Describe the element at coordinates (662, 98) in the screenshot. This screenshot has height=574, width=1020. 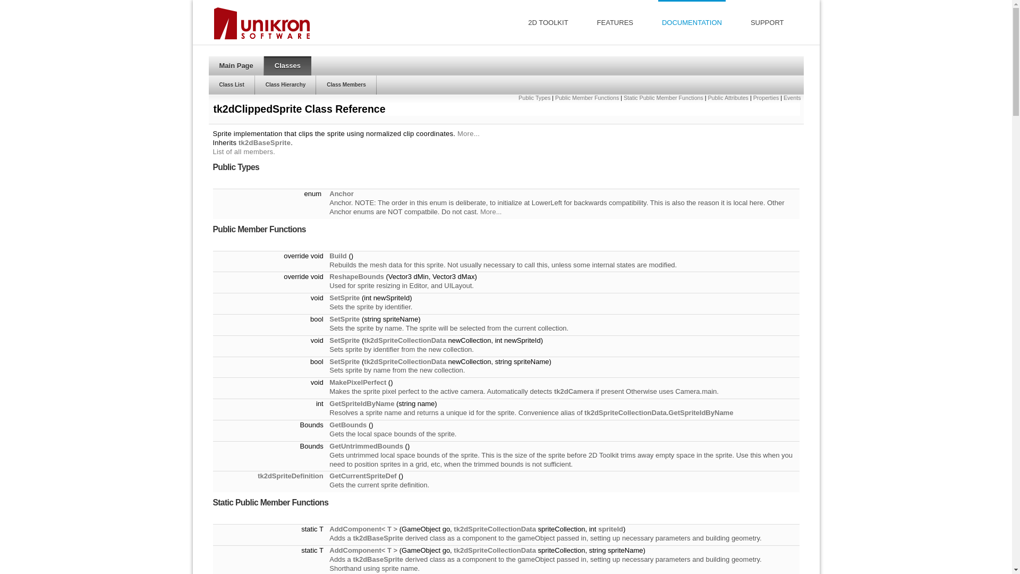
I see `'Static Public Member Functions'` at that location.